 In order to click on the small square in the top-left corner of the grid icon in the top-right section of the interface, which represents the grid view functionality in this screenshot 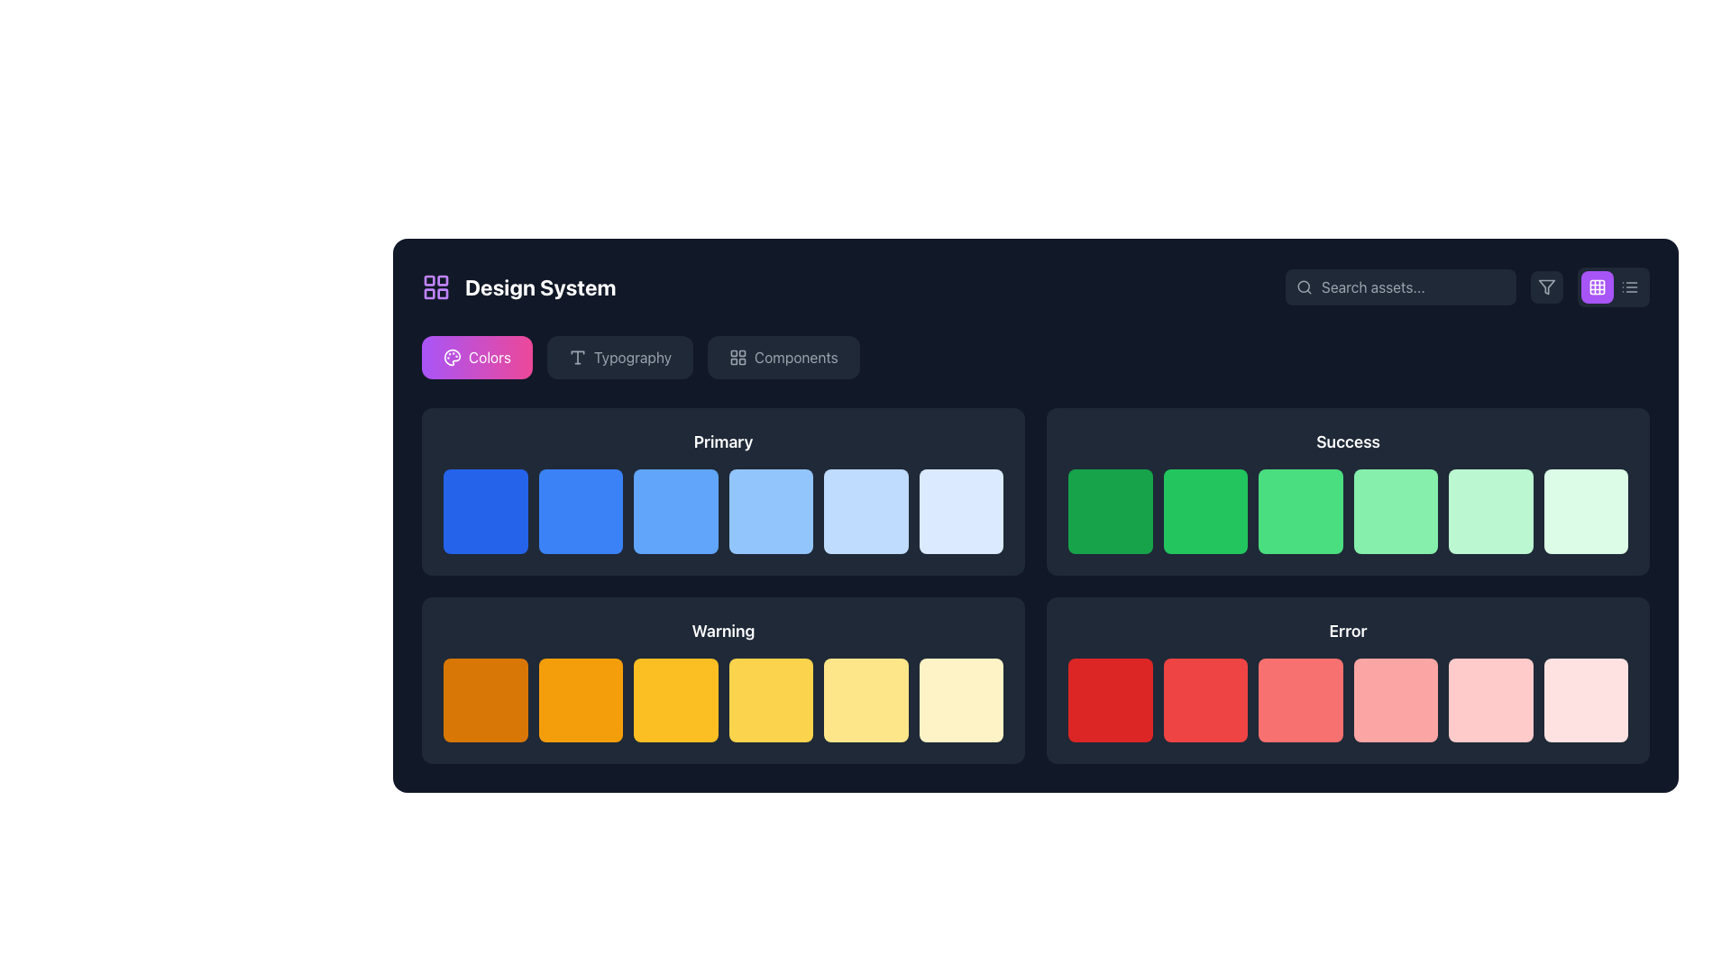, I will do `click(1597, 286)`.